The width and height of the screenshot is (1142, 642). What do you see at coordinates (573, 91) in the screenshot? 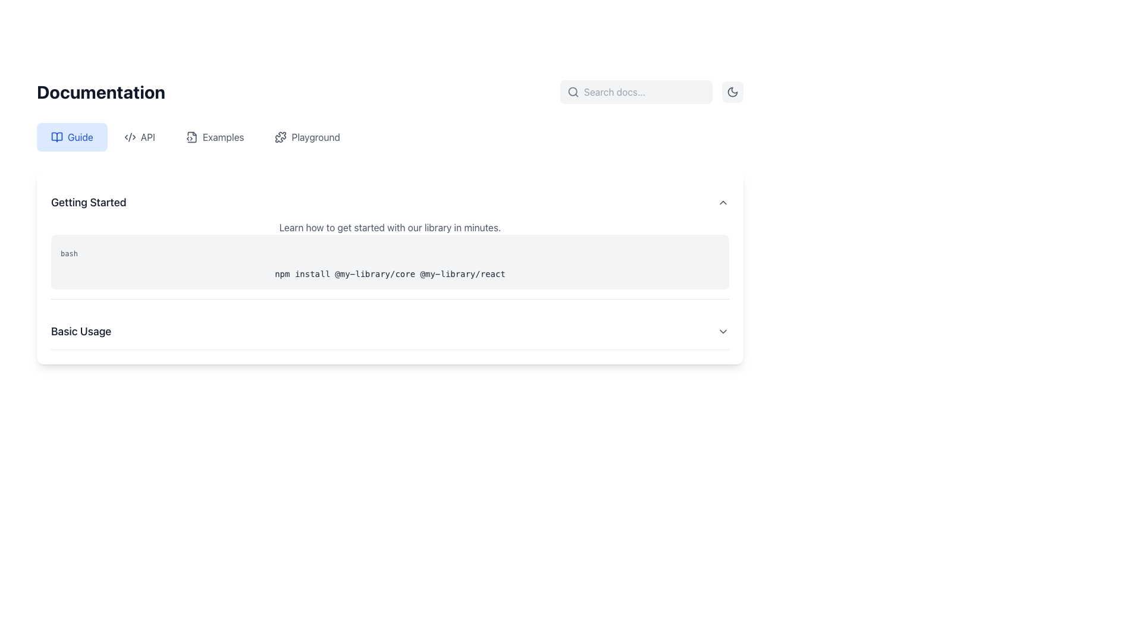
I see `the search bar icon located at the leftmost side of the search bar in the top-right corner of the interface` at bounding box center [573, 91].